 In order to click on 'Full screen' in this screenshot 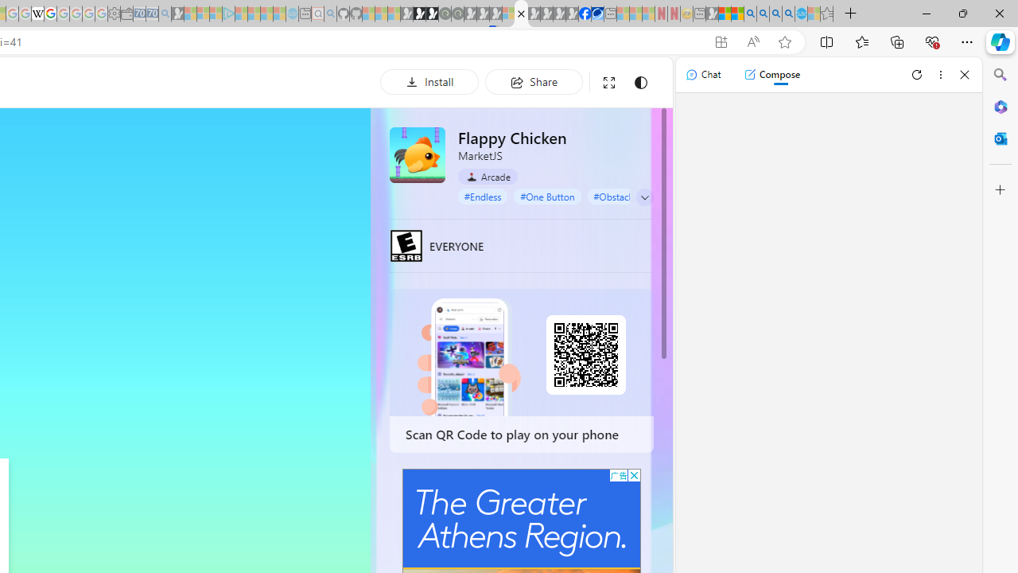, I will do `click(608, 82)`.